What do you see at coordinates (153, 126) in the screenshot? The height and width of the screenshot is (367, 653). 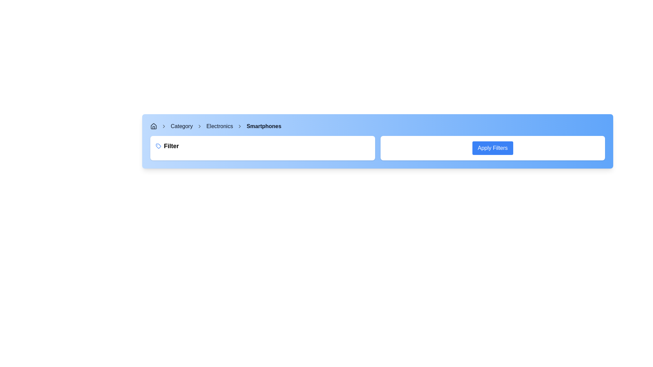 I see `the home icon in the breadcrumb navigation` at bounding box center [153, 126].